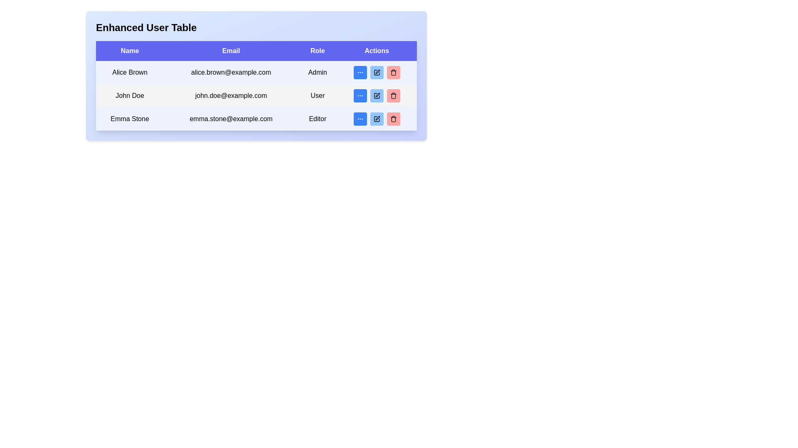  I want to click on the Table Header labeled 'Actions' which is the last column header in the row of headers with a blue background, so click(376, 51).